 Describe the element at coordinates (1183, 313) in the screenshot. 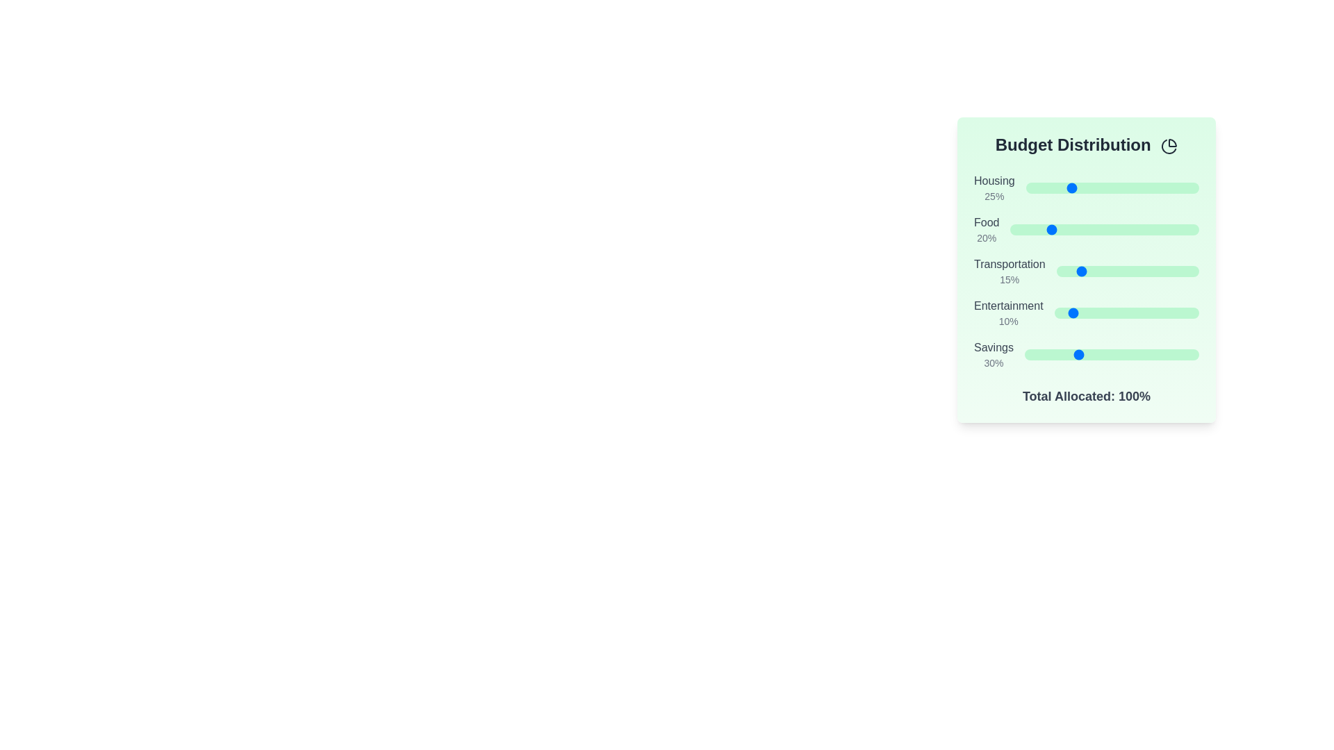

I see `the slider for 'Entertainment' to set its percentage to 89` at that location.